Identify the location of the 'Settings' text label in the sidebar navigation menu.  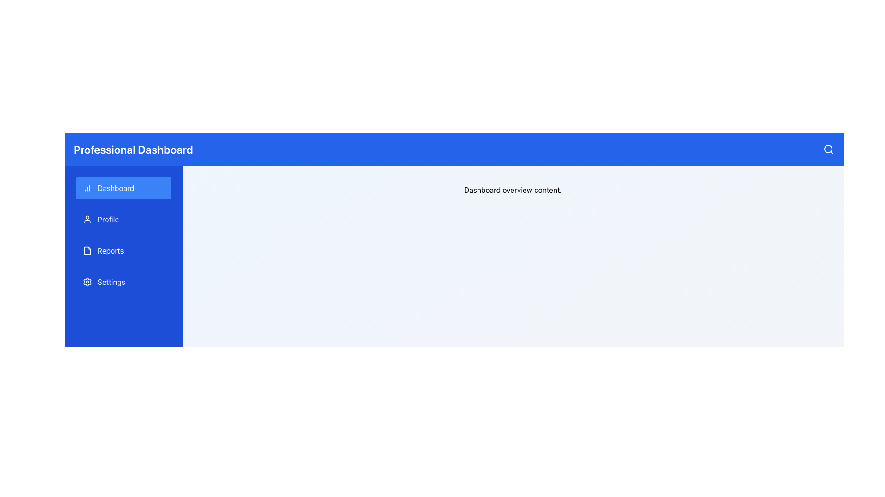
(111, 282).